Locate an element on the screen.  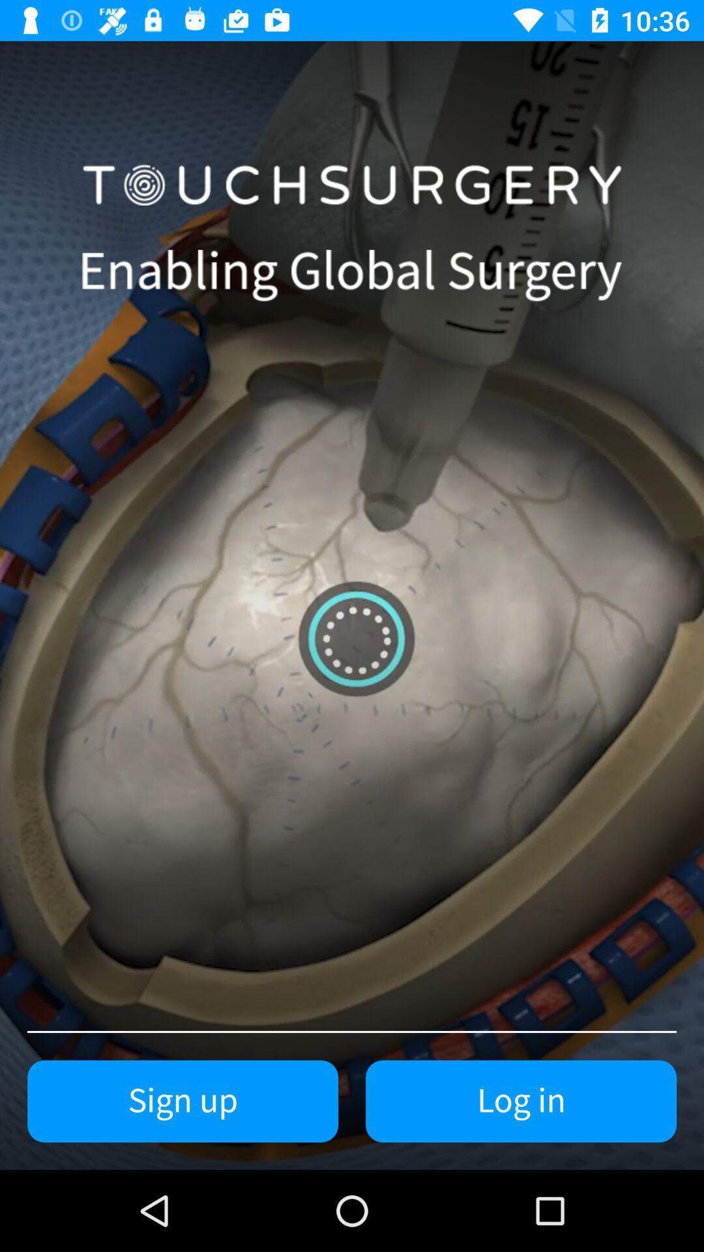
the item to the right of the sign up is located at coordinates (520, 1101).